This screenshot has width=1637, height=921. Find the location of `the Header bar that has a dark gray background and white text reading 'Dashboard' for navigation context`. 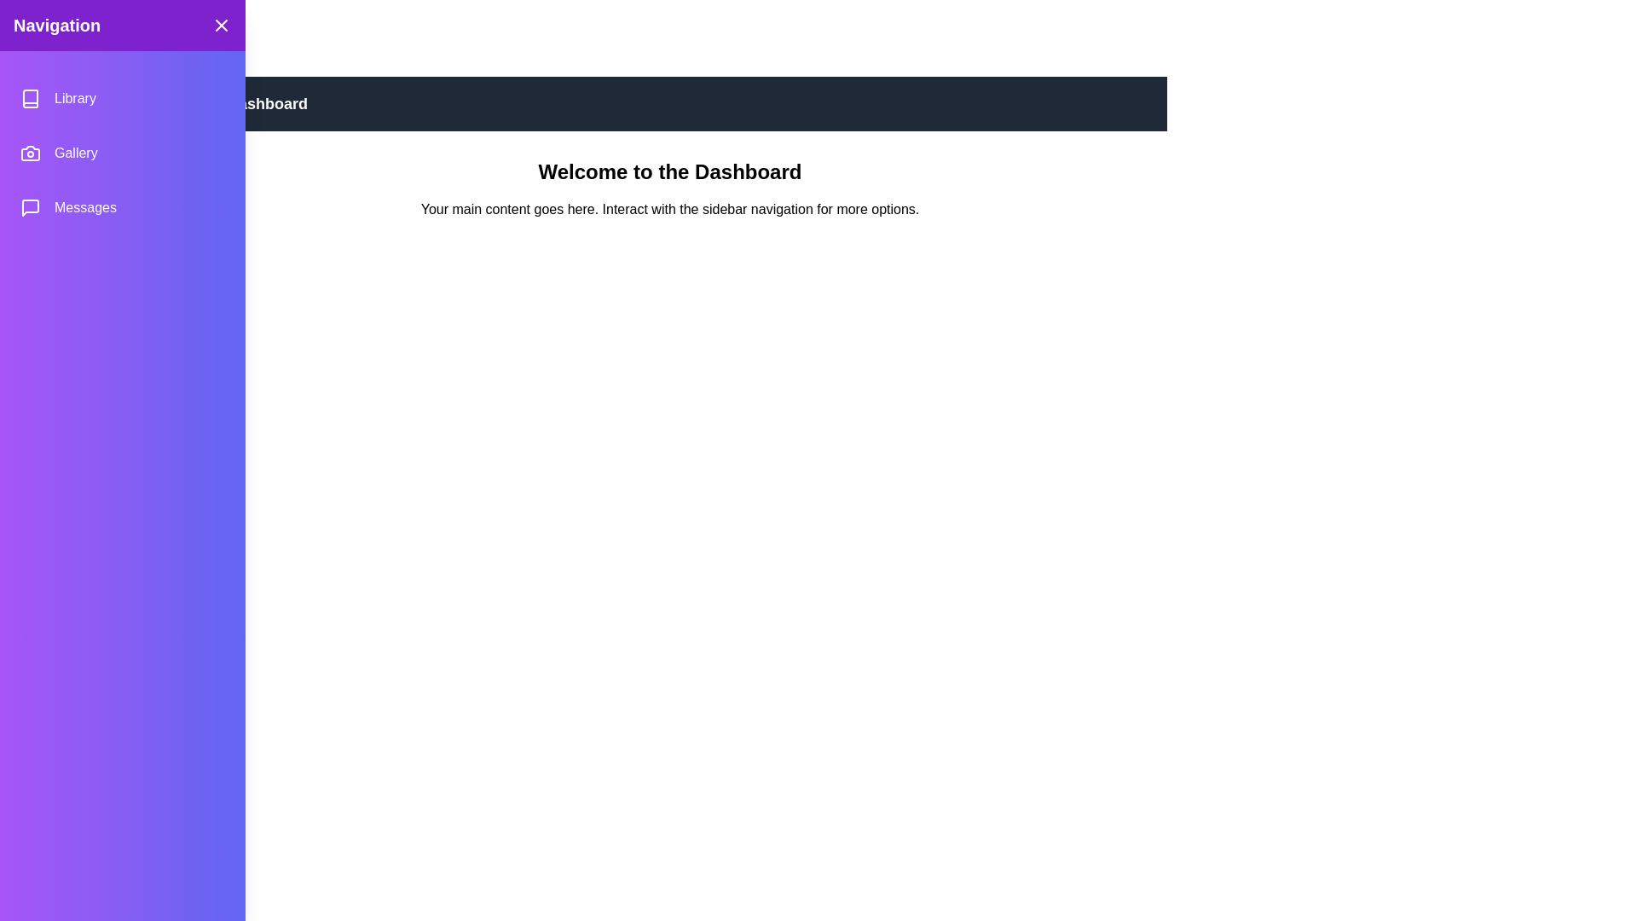

the Header bar that has a dark gray background and white text reading 'Dashboard' for navigation context is located at coordinates (669, 104).